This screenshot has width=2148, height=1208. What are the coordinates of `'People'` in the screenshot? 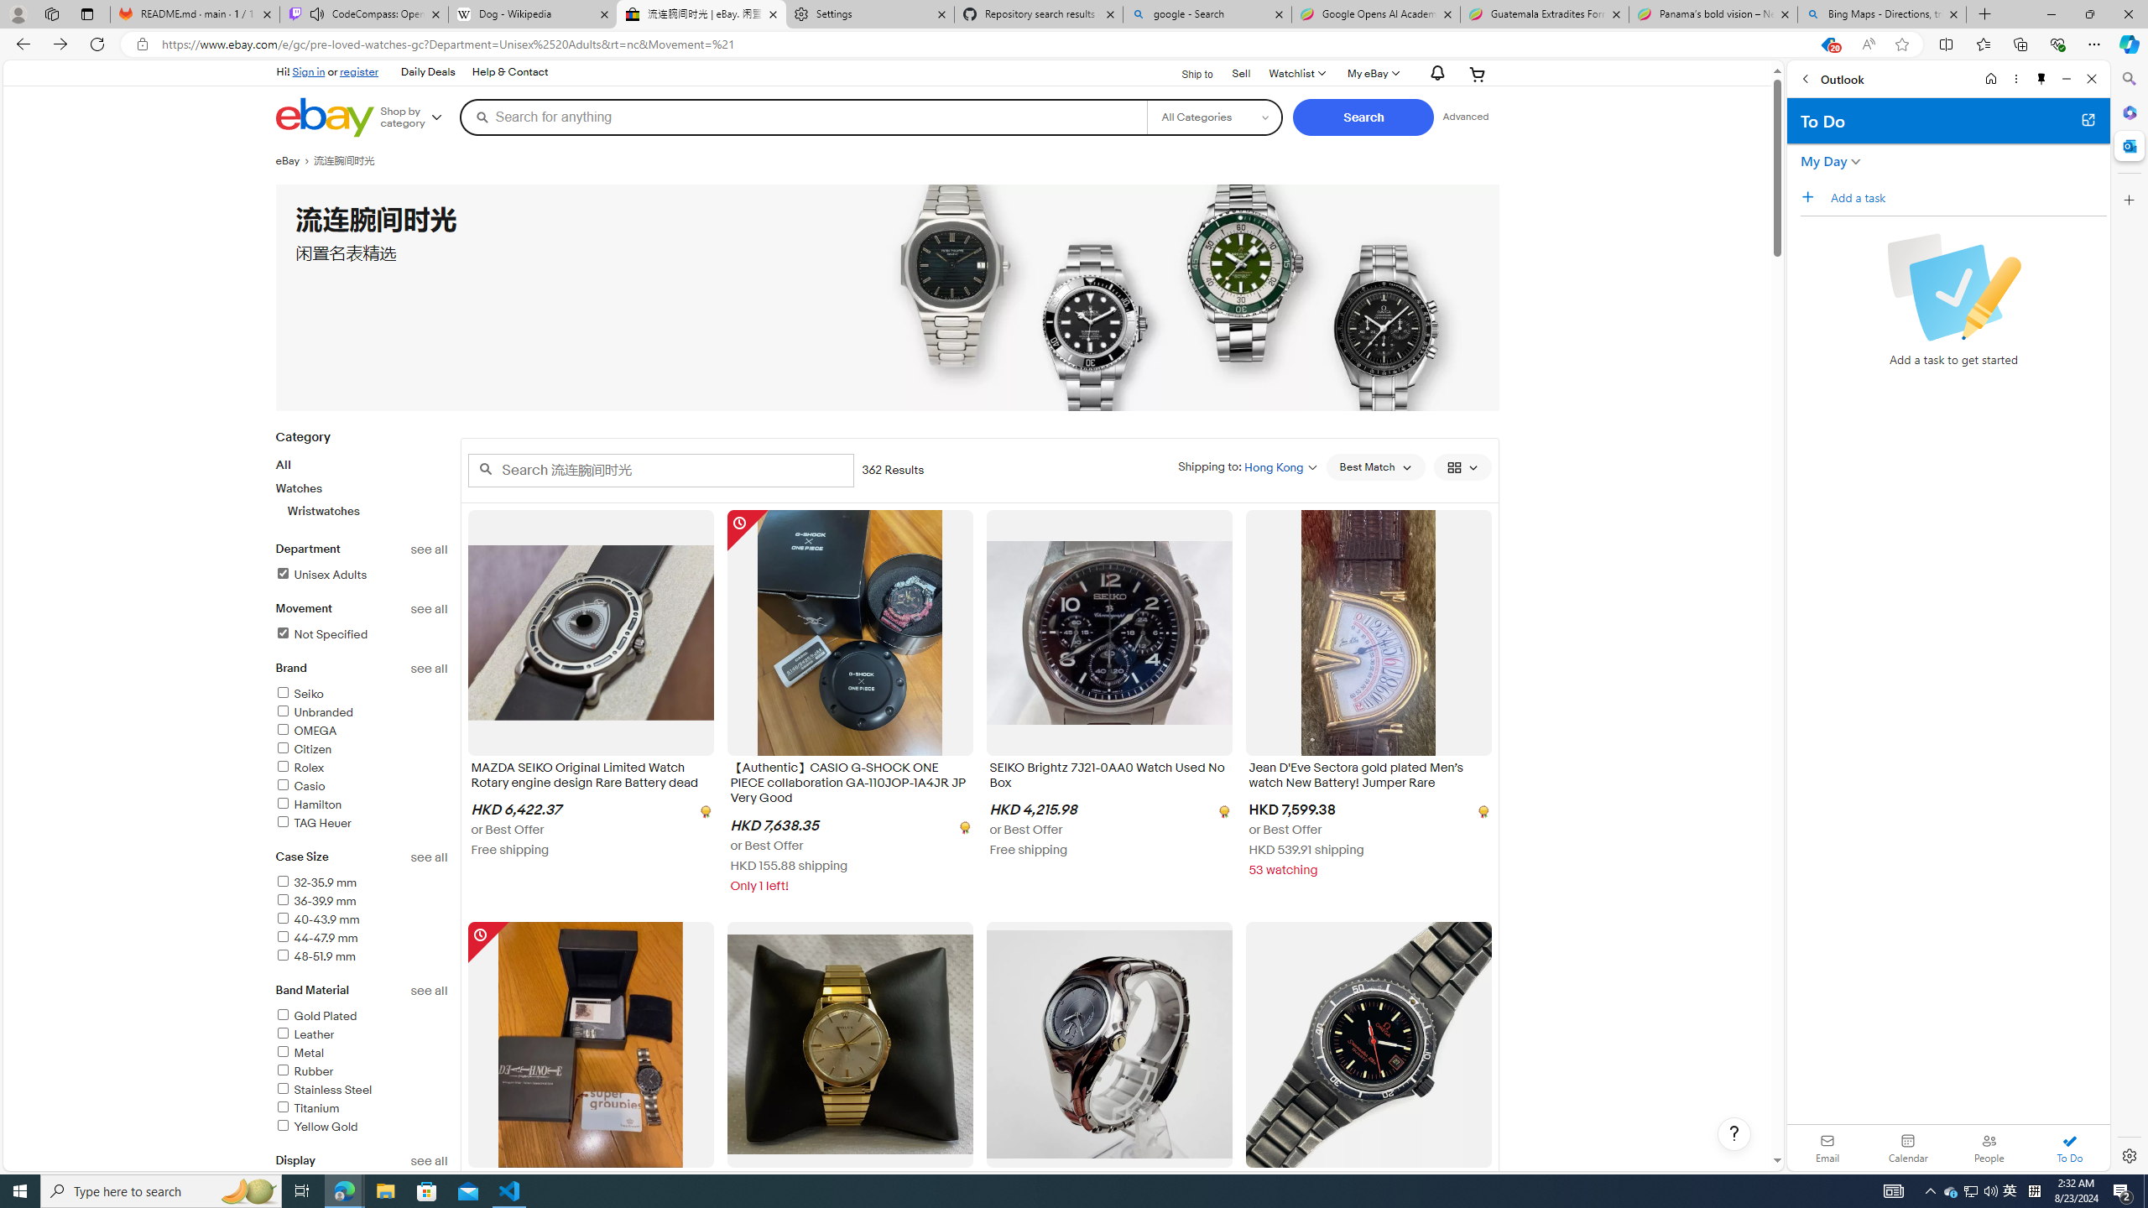 It's located at (1988, 1147).